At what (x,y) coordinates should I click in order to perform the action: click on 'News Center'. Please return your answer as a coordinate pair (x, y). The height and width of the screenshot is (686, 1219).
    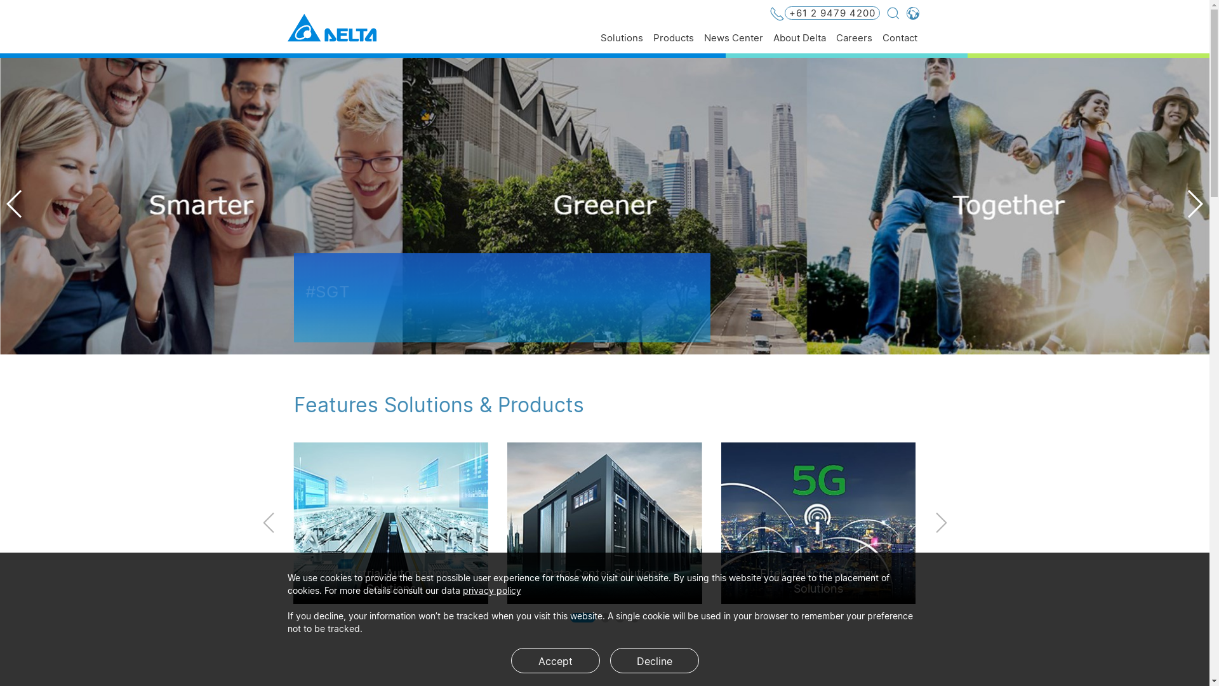
    Looking at the image, I should click on (733, 43).